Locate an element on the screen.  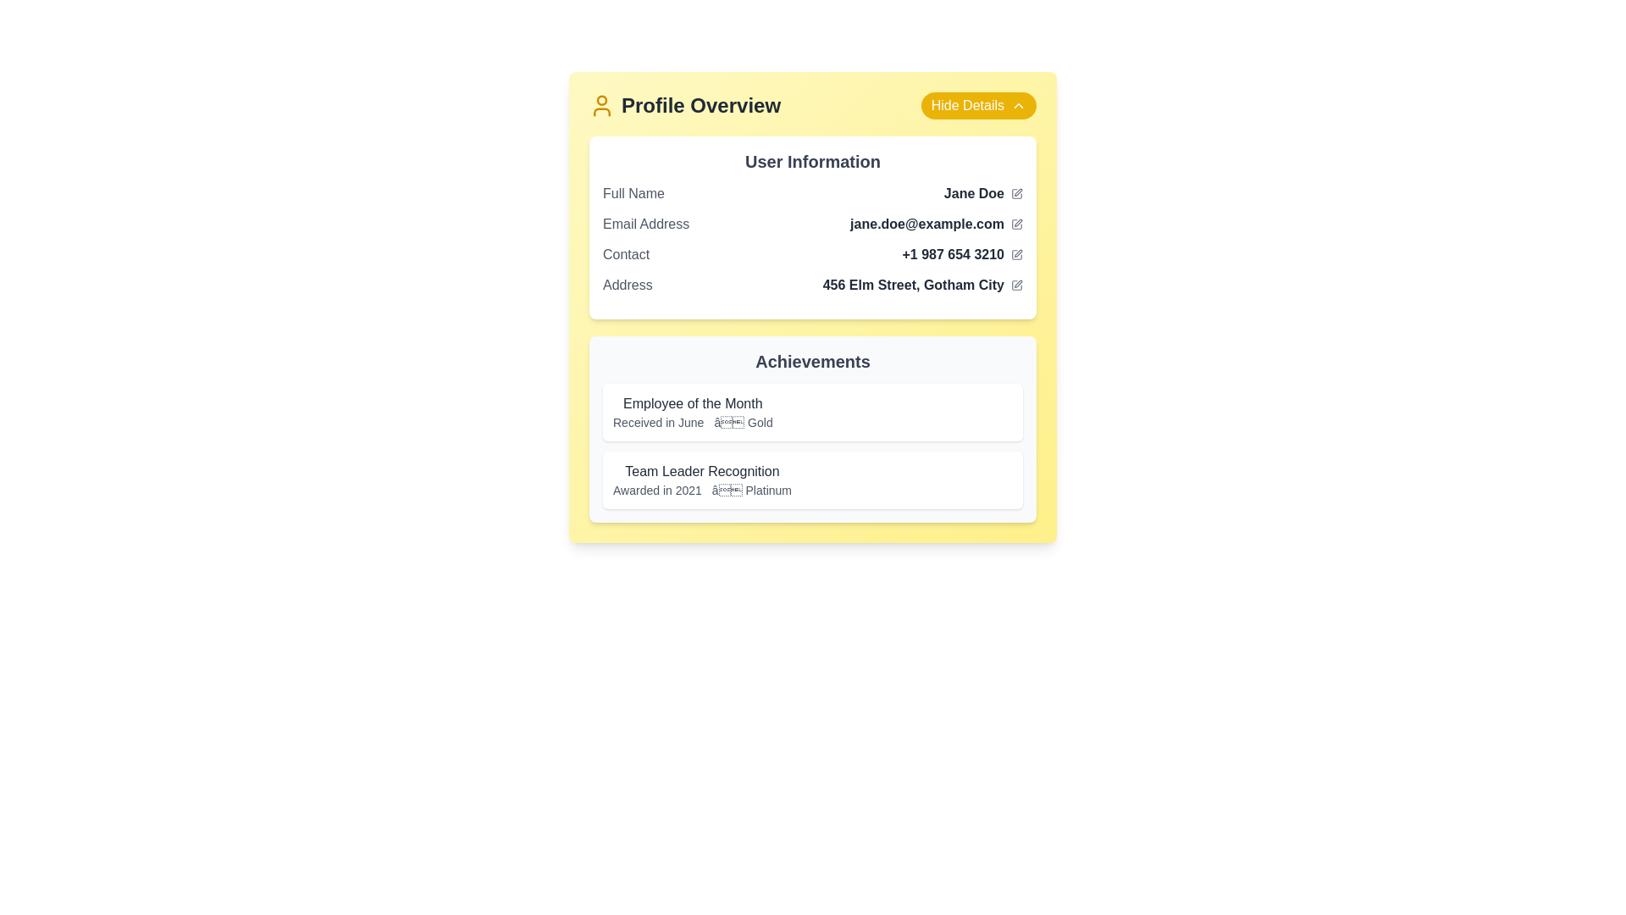
the button in the upper right of the 'Profile Overview' section is located at coordinates (978, 105).